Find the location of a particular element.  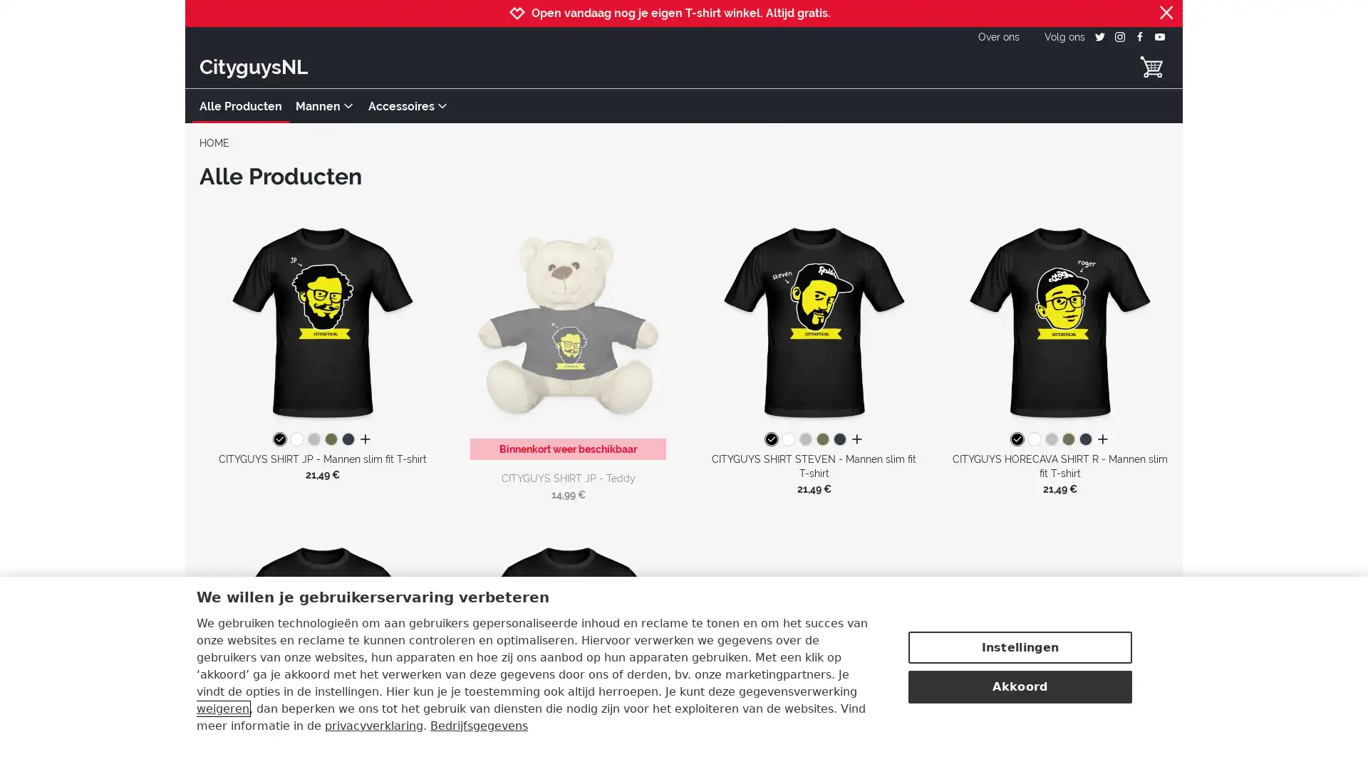

CITYGUYS HORECAVA SHIRT R - Mannen slim fit T-shirt is located at coordinates (1059, 319).